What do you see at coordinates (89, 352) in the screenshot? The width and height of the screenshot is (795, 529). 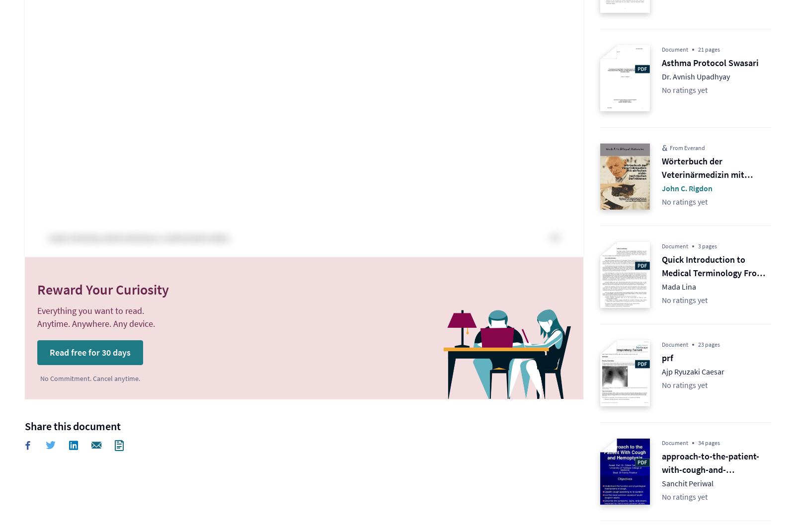 I see `'Read free for 30 days'` at bounding box center [89, 352].